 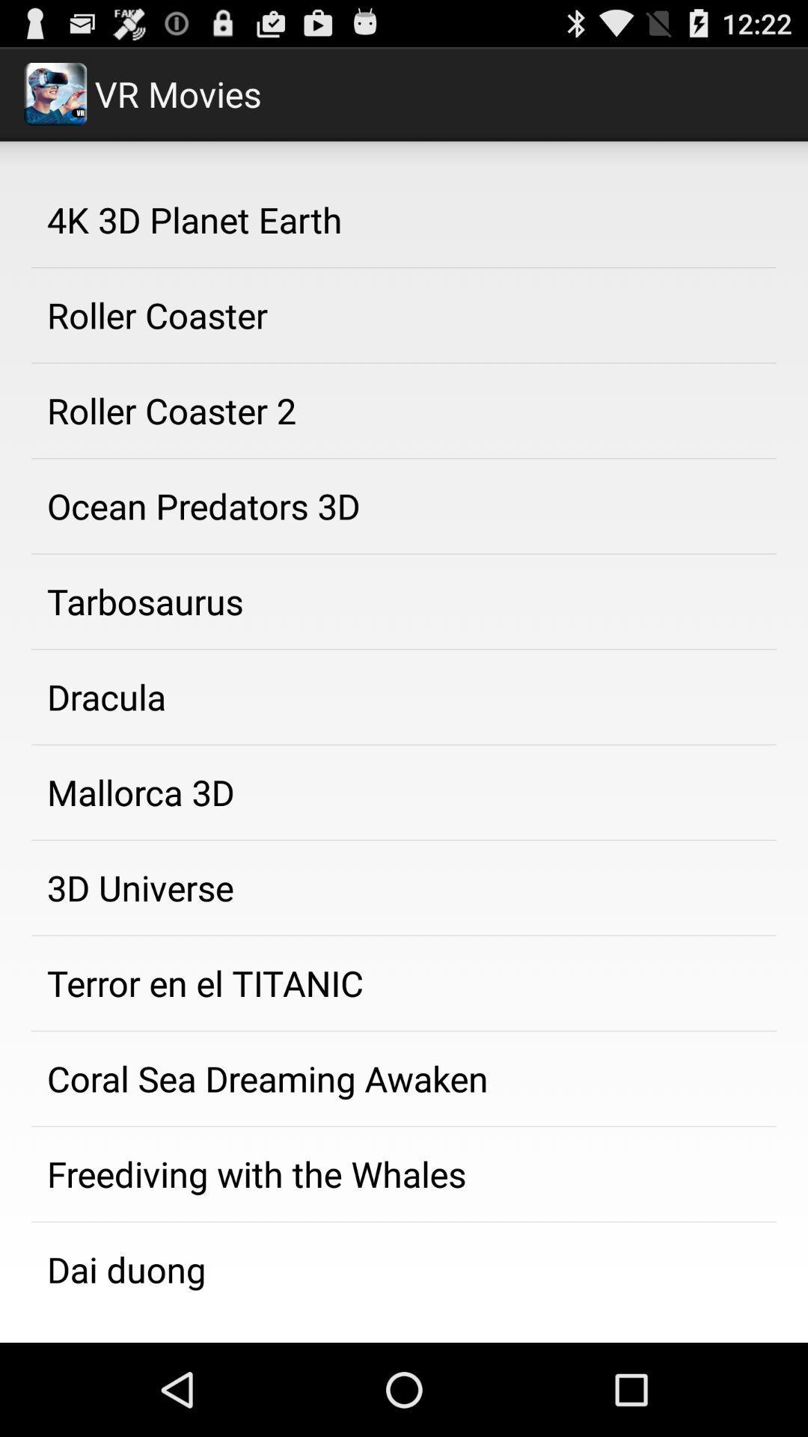 I want to click on the tarbosaurus app, so click(x=404, y=602).